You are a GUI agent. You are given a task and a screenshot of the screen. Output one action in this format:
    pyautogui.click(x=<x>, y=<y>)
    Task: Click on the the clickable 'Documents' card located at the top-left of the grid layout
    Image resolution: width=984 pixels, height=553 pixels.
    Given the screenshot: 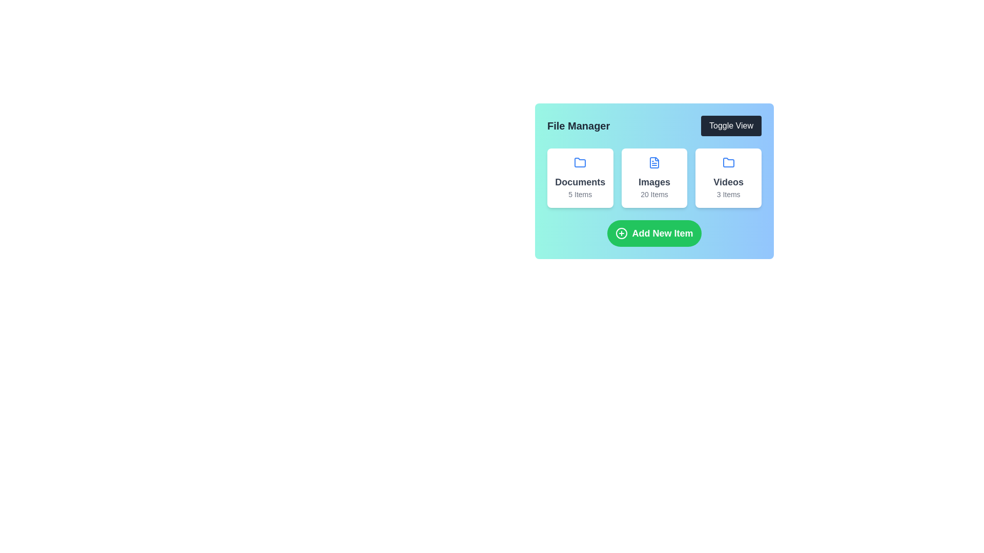 What is the action you would take?
    pyautogui.click(x=580, y=177)
    